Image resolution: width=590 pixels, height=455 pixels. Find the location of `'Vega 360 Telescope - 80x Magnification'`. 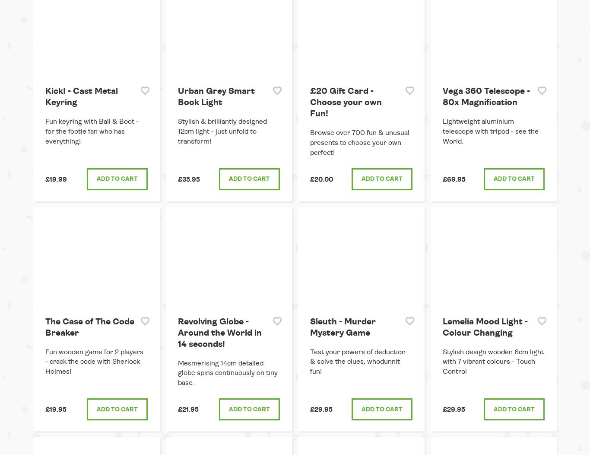

'Vega 360 Telescope - 80x Magnification' is located at coordinates (485, 96).